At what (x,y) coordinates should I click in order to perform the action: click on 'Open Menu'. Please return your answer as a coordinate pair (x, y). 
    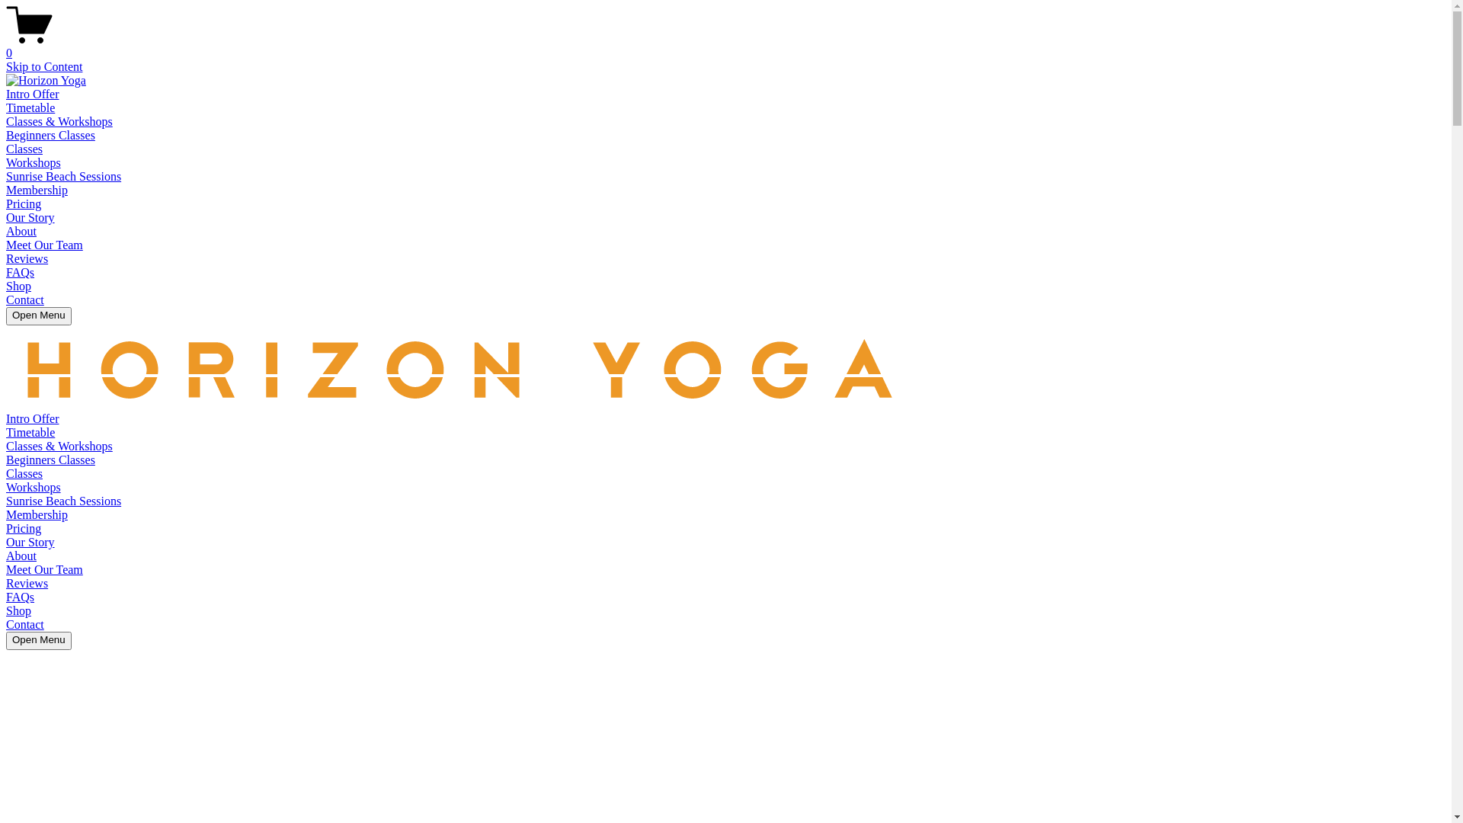
    Looking at the image, I should click on (39, 315).